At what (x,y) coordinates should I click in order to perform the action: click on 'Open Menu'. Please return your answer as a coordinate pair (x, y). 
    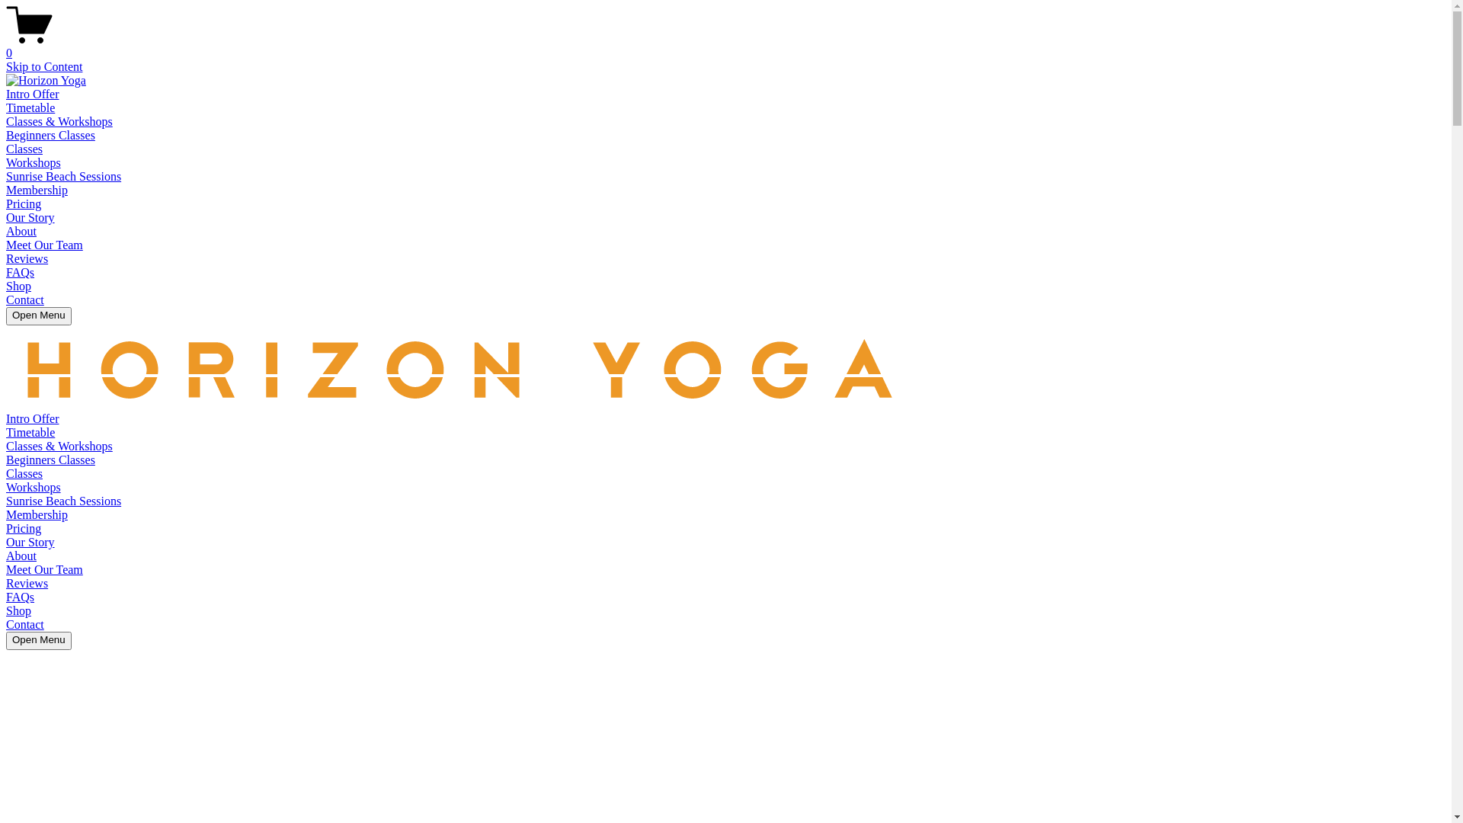
    Looking at the image, I should click on (39, 315).